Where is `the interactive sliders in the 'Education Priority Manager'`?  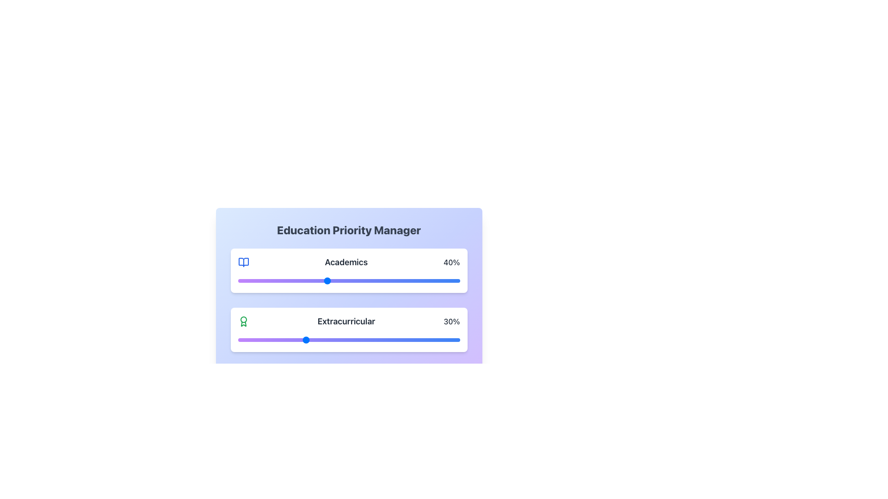 the interactive sliders in the 'Education Priority Manager' is located at coordinates (348, 329).